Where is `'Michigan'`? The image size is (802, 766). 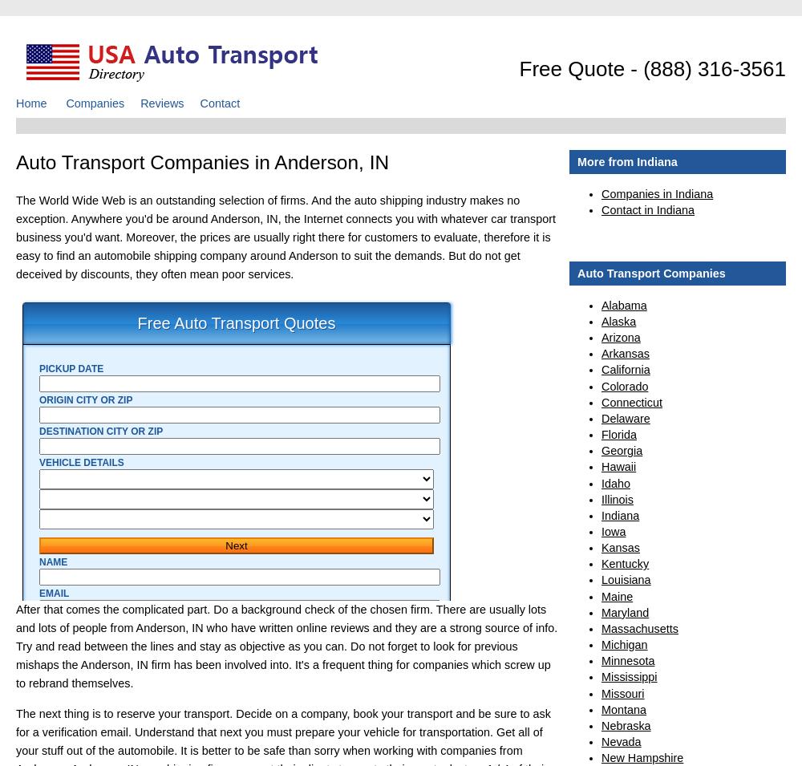
'Michigan' is located at coordinates (624, 645).